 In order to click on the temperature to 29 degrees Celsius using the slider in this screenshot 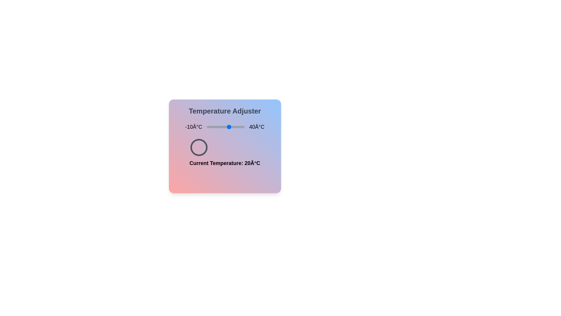, I will do `click(236, 127)`.